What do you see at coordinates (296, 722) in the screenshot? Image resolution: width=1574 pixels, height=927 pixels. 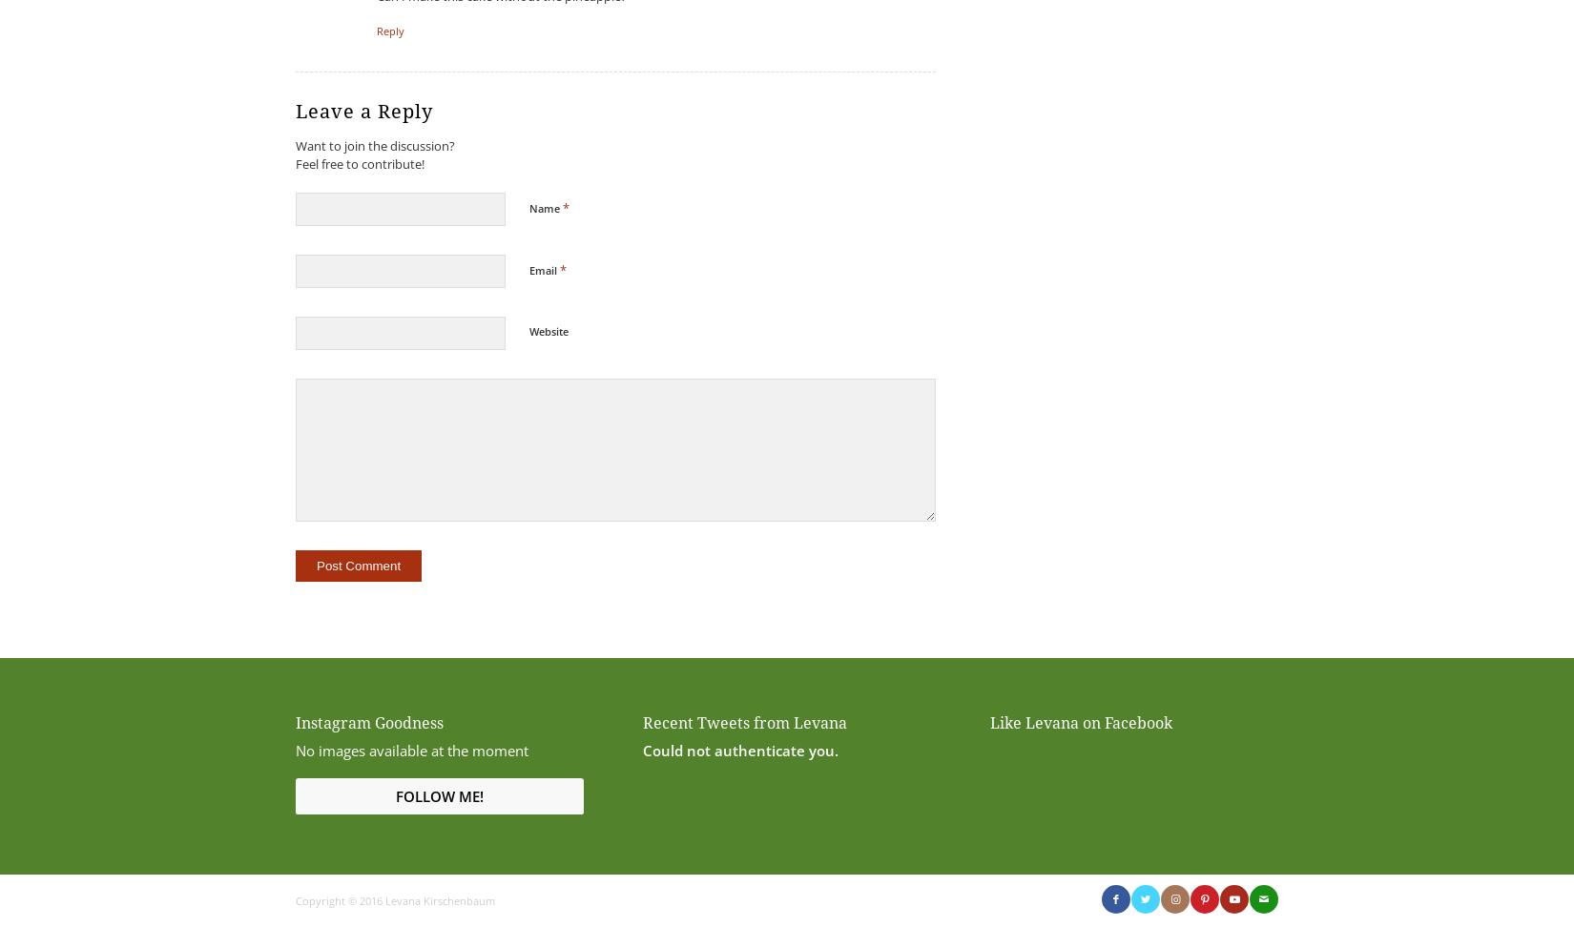 I see `'Instagram Goodness'` at bounding box center [296, 722].